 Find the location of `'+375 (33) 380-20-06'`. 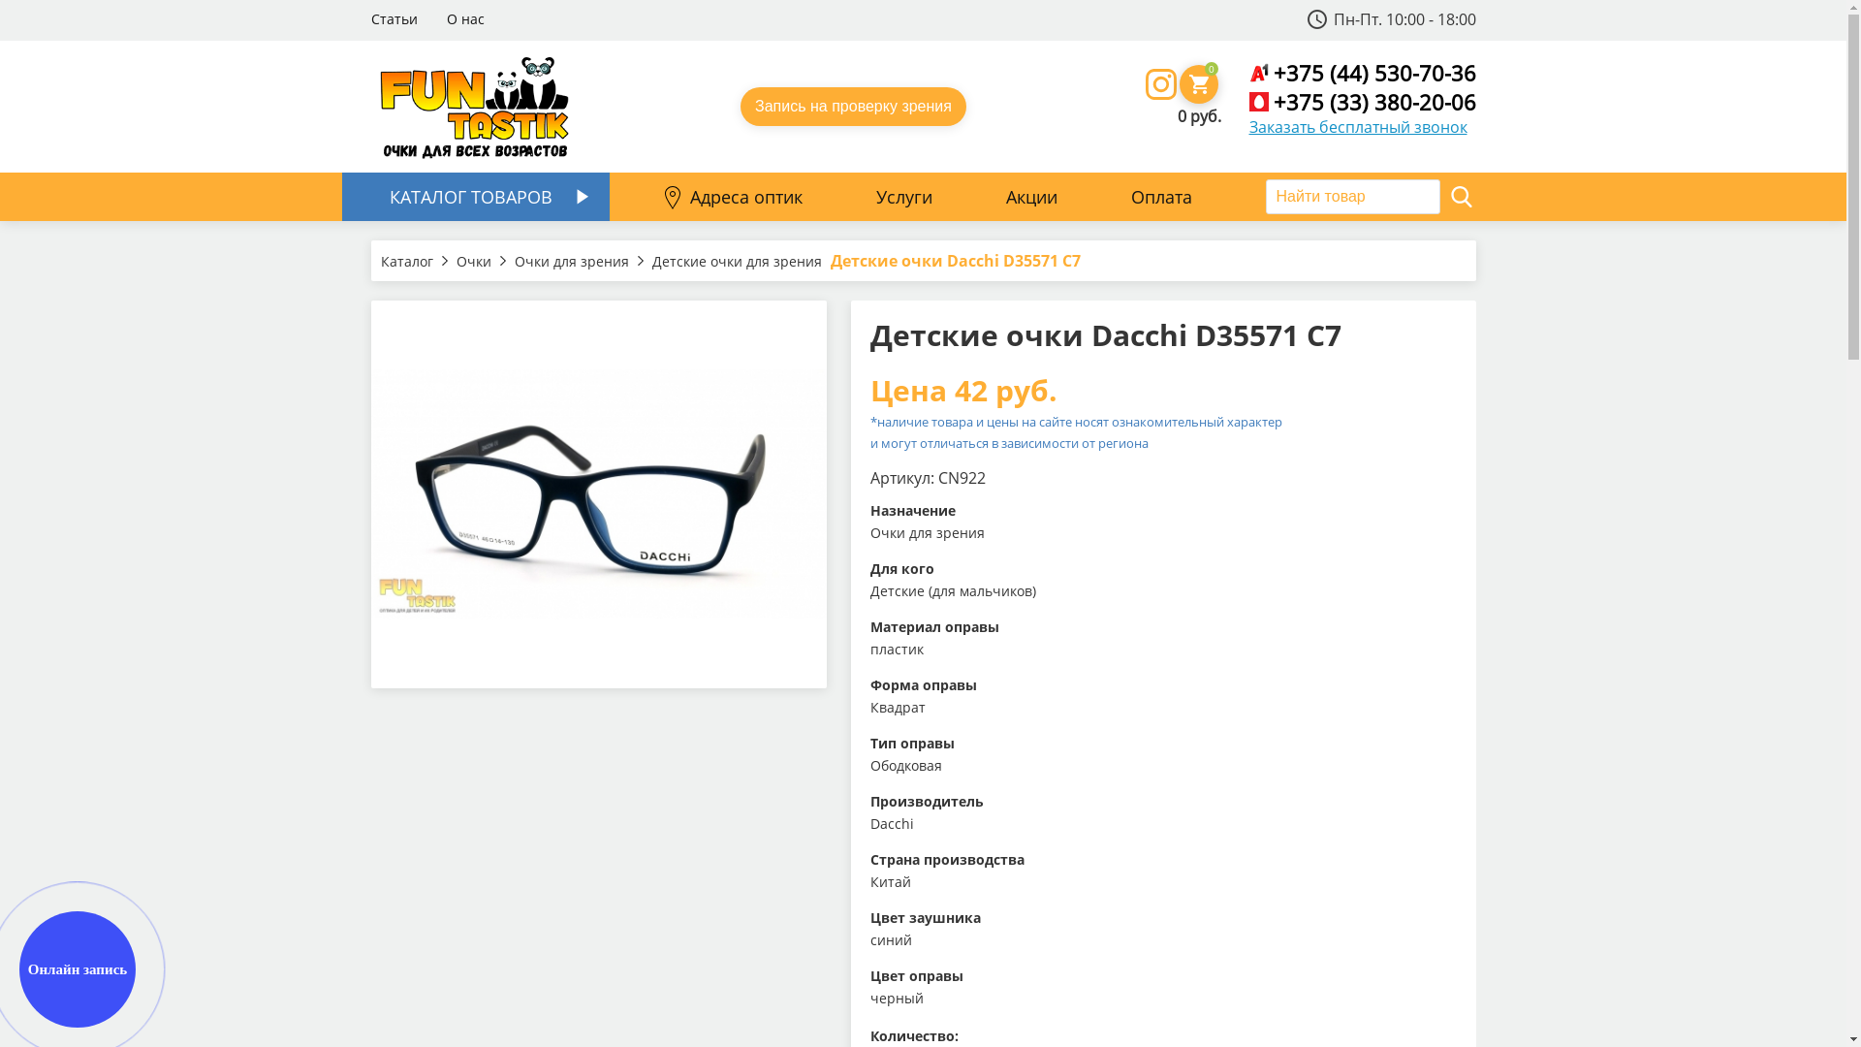

'+375 (33) 380-20-06' is located at coordinates (1274, 101).